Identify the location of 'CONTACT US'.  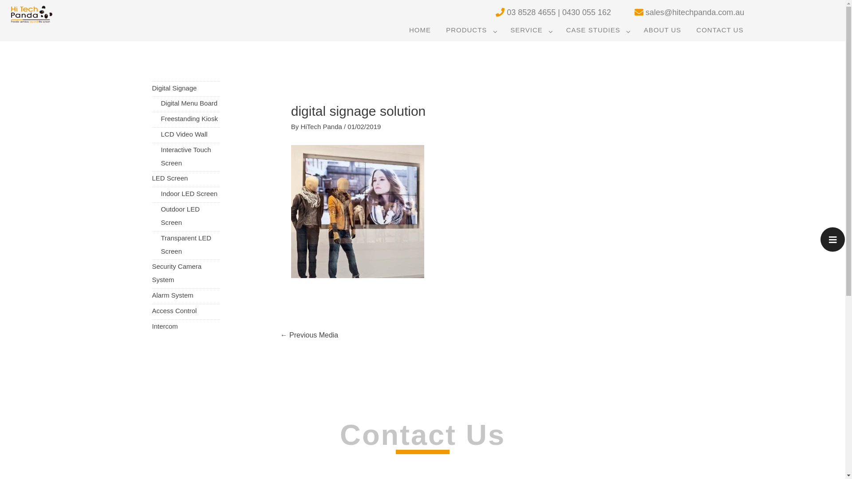
(720, 30).